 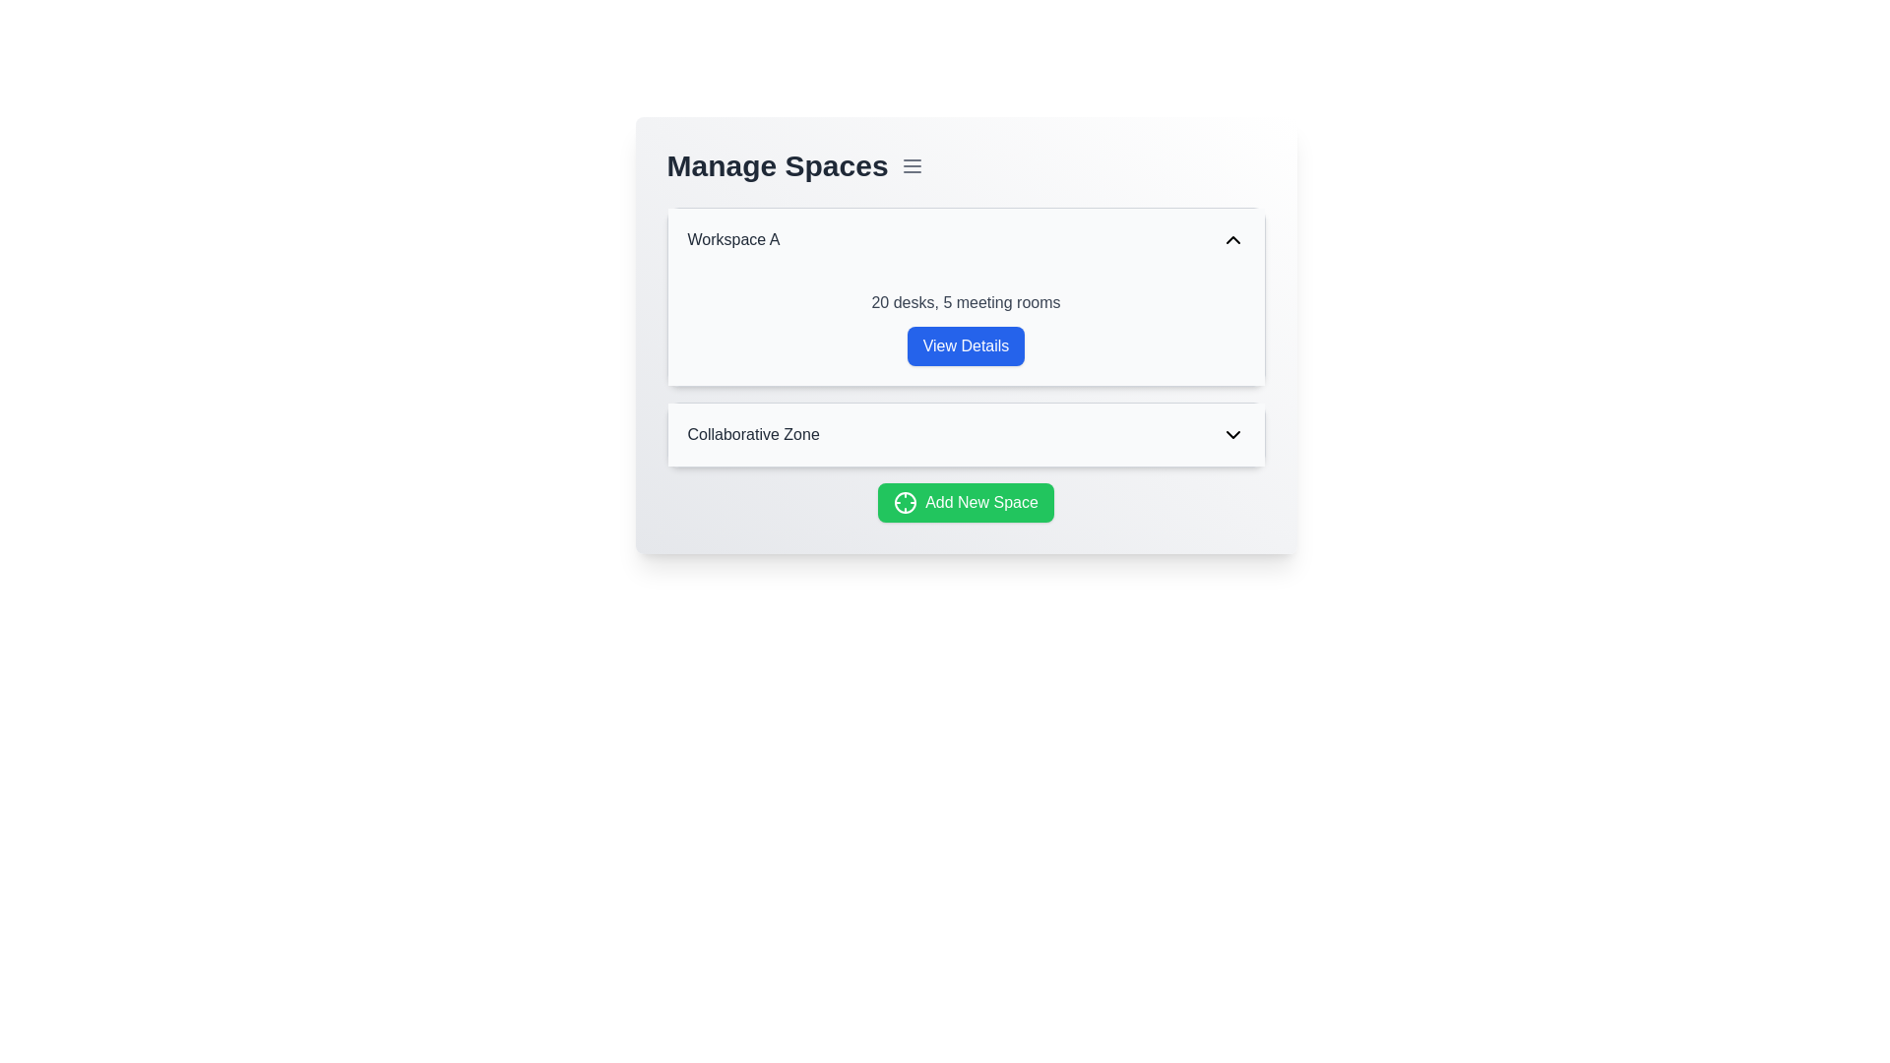 What do you see at coordinates (966, 303) in the screenshot?
I see `the Text label that provides information about the number of desks and meeting rooms in 'Workspace A', positioned above the 'View Details' button` at bounding box center [966, 303].